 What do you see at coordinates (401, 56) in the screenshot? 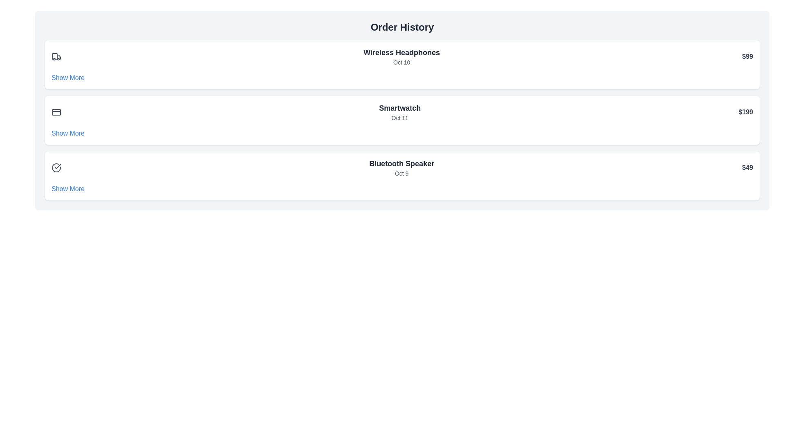
I see `product name and associated date from the text block located in the first section of the order history, just below the title 'Wireless Headphones' and above the '$99' price label` at bounding box center [401, 56].